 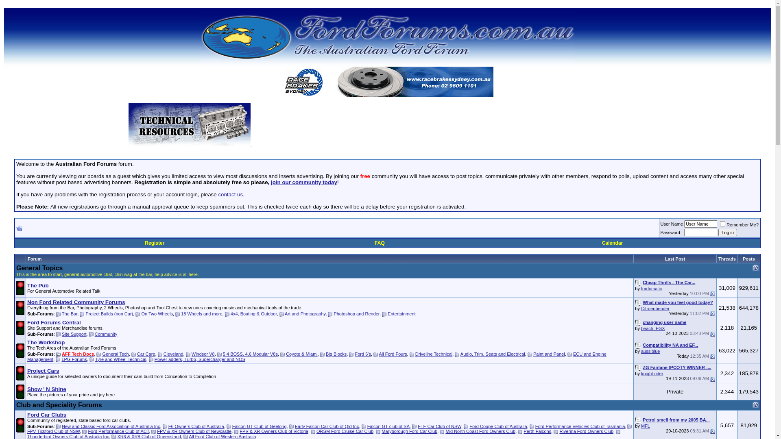 I want to click on '5.4 BOSS, 4.6 Modular V8s', so click(x=250, y=354).